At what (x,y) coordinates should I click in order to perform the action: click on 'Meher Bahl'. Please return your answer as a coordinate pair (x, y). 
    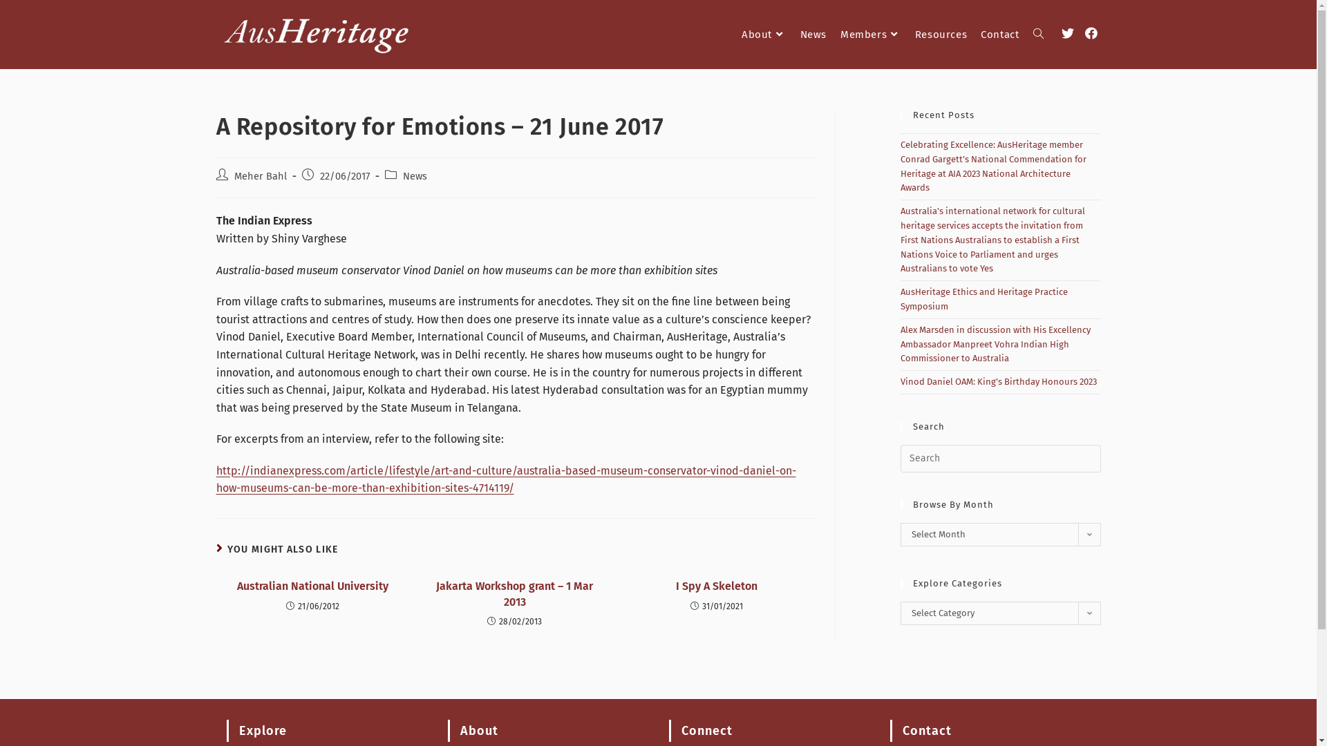
    Looking at the image, I should click on (259, 175).